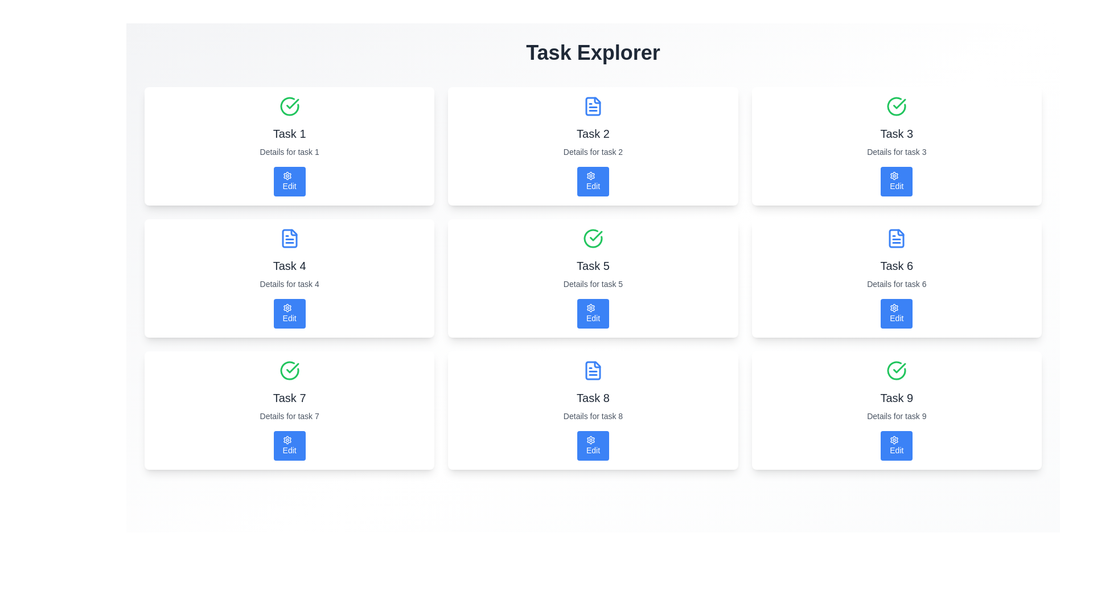 This screenshot has height=615, width=1093. What do you see at coordinates (289, 106) in the screenshot?
I see `the circular green icon with a checkmark indicating successful completion, located at the top left corner of the 'Task 1' card` at bounding box center [289, 106].